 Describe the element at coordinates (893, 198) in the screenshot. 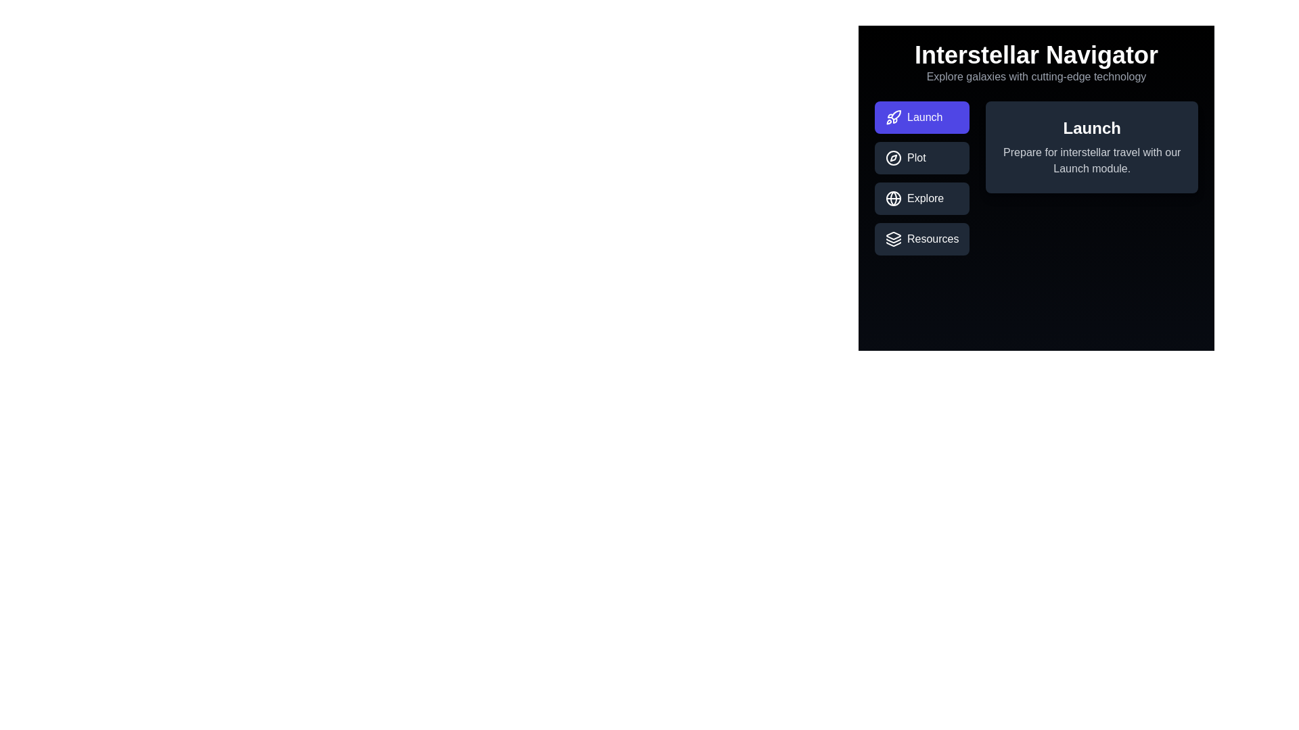

I see `the icon within the tab labeled Explore` at that location.